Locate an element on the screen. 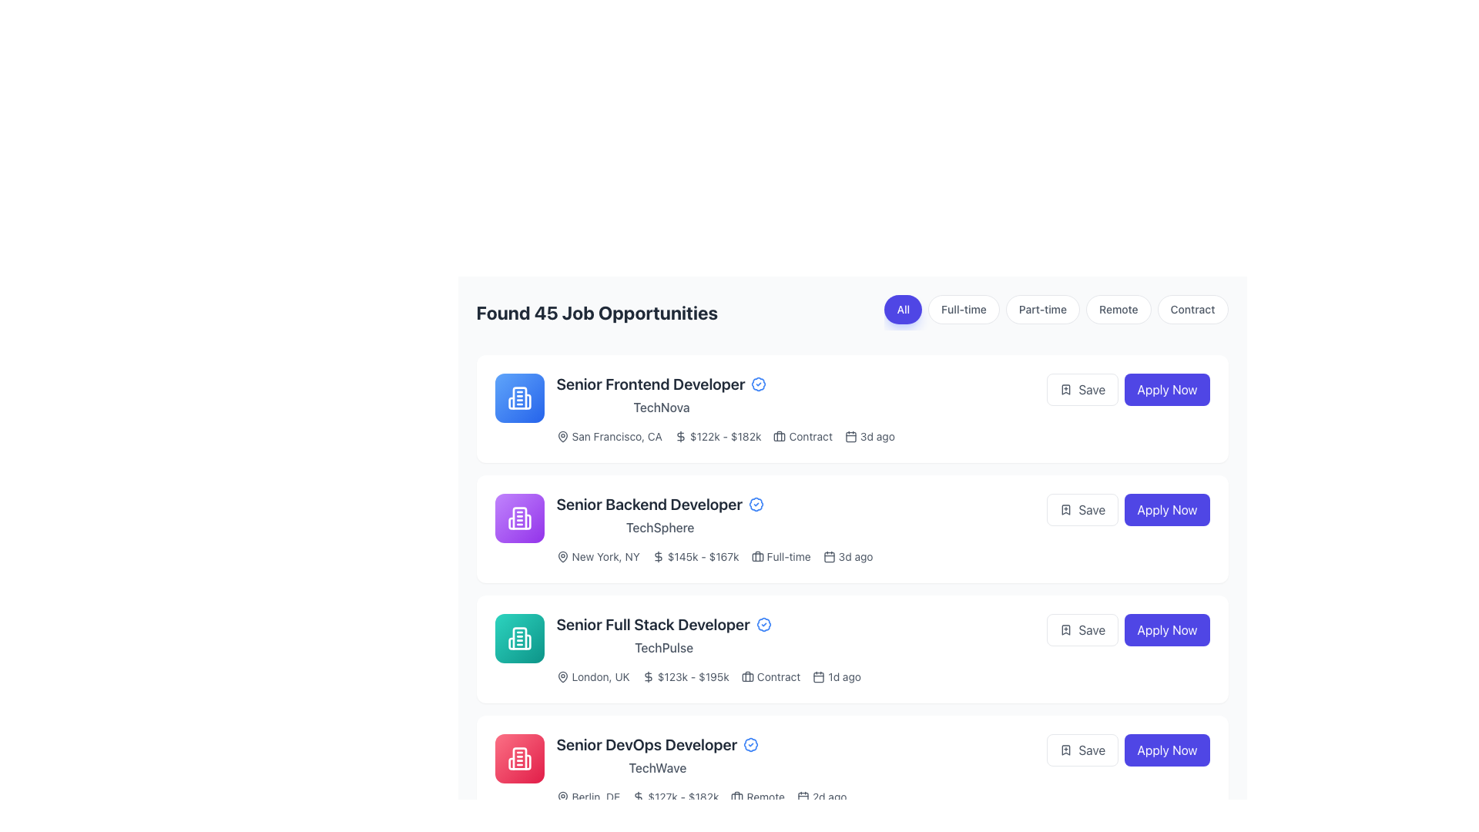 This screenshot has height=832, width=1479. the icon associated with the job listing for 'New York, NY', which is the second job entry in the list of job opportunities is located at coordinates (562, 556).